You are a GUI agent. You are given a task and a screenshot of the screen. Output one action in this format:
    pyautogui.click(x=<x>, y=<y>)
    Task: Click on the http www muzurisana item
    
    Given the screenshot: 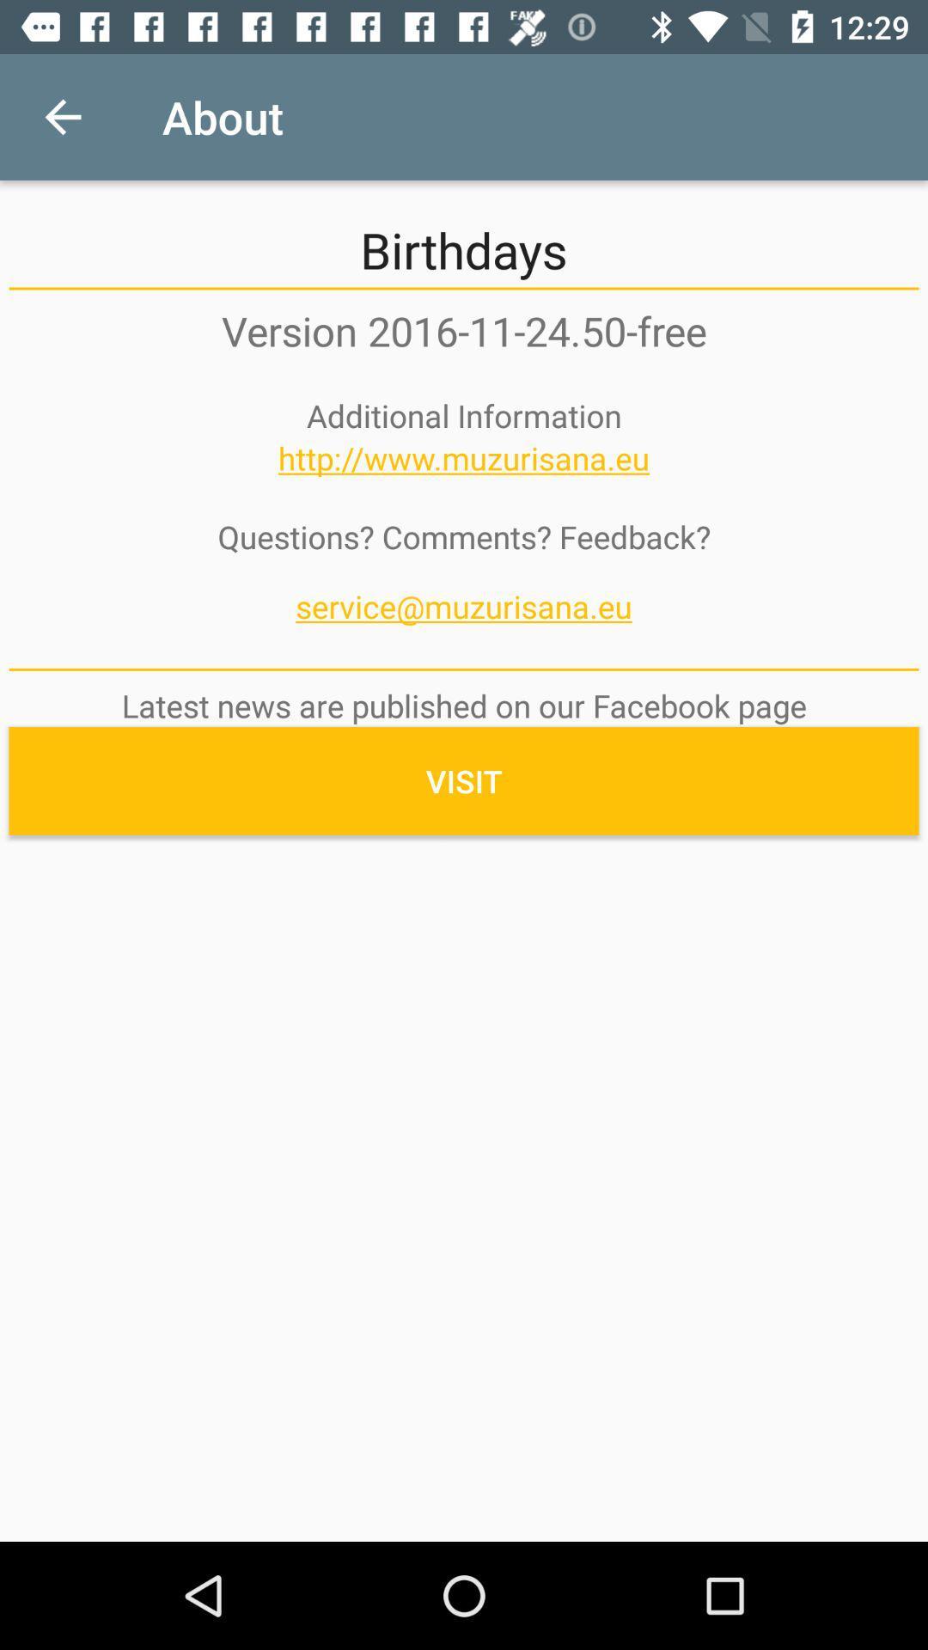 What is the action you would take?
    pyautogui.click(x=464, y=458)
    